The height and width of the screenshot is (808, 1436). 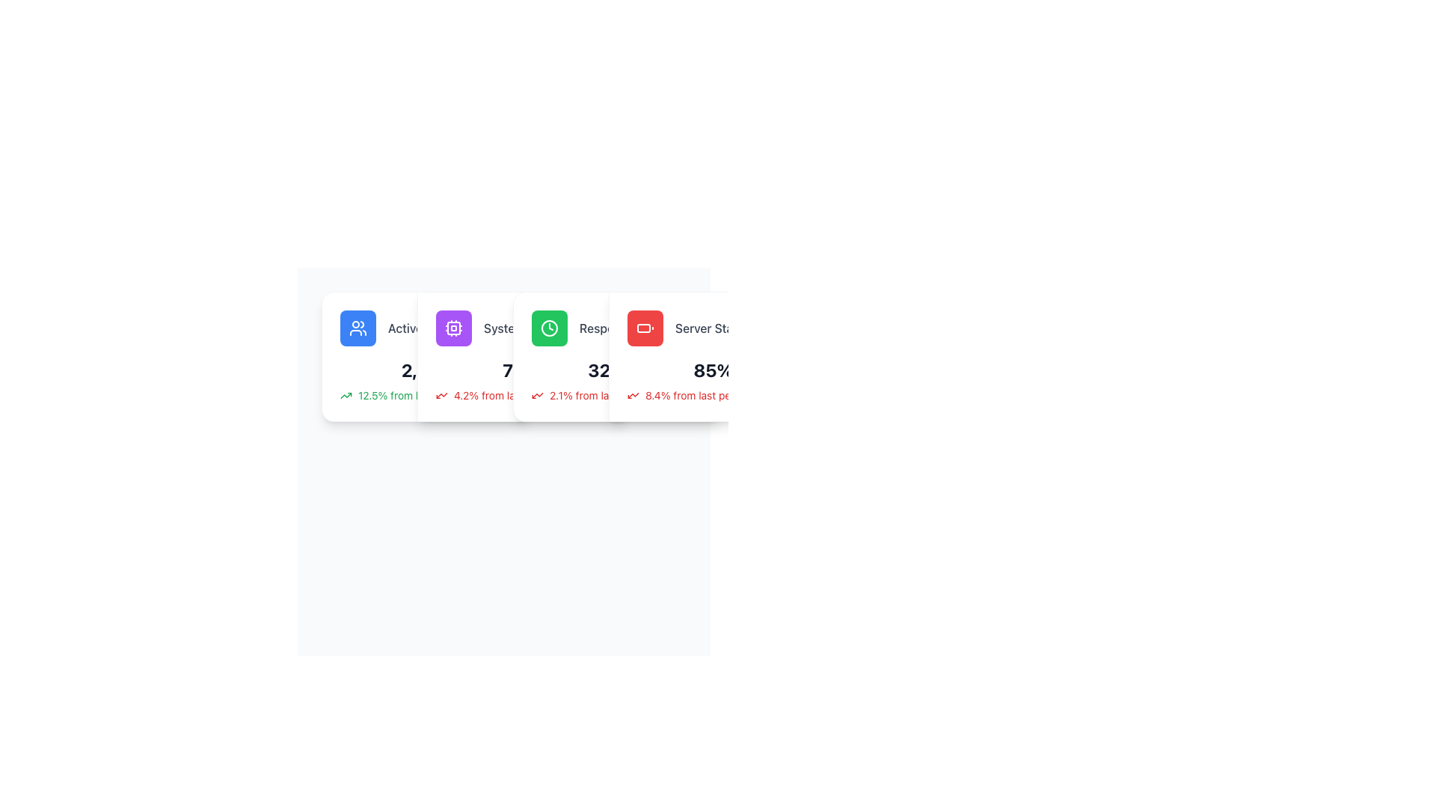 What do you see at coordinates (358, 328) in the screenshot?
I see `the user or team-related information icon located within the blue circular area of the leftmost card in the horizontal series of cards` at bounding box center [358, 328].